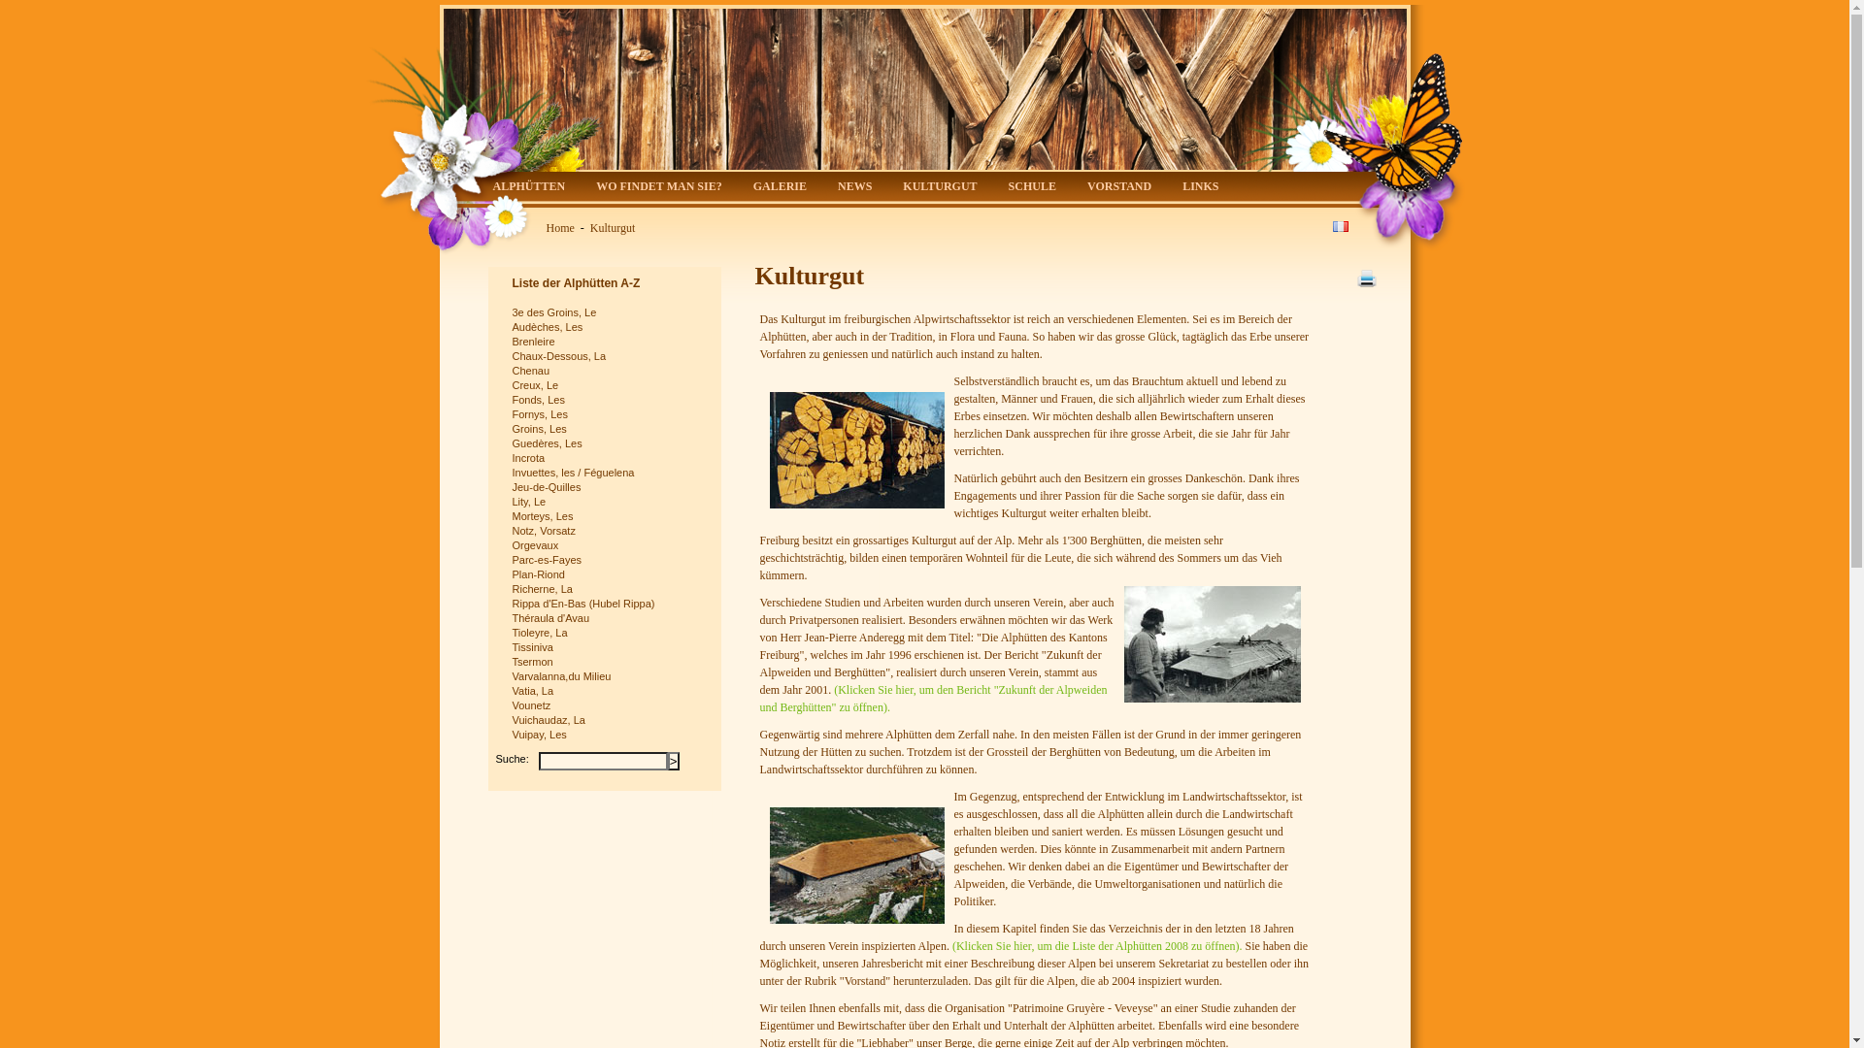  Describe the element at coordinates (854, 187) in the screenshot. I see `'NEWS'` at that location.